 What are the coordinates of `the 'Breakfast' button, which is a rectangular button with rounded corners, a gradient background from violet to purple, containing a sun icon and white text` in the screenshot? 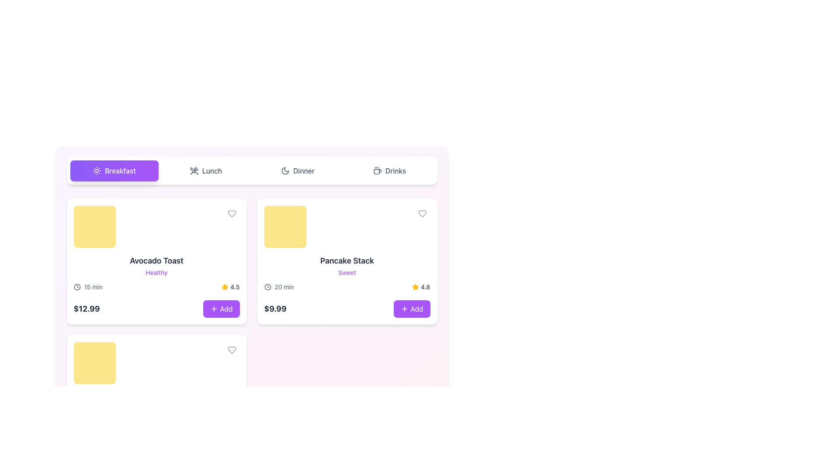 It's located at (114, 170).